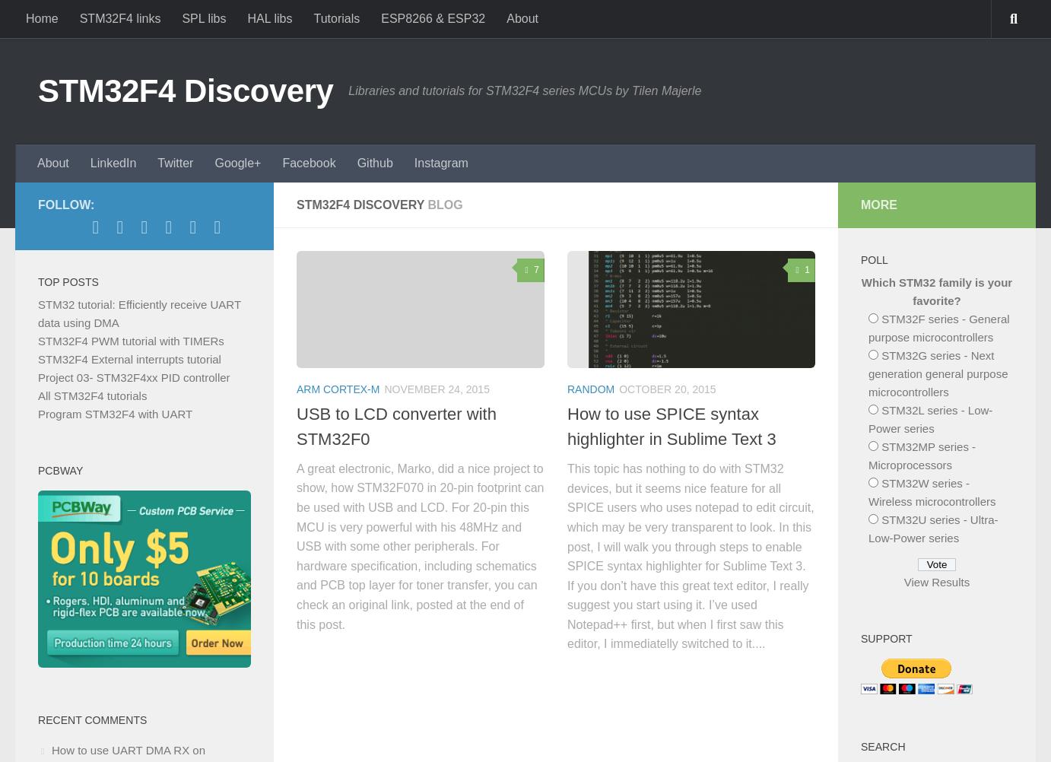 The width and height of the screenshot is (1051, 762). Describe the element at coordinates (66, 204) in the screenshot. I see `'Follow:'` at that location.